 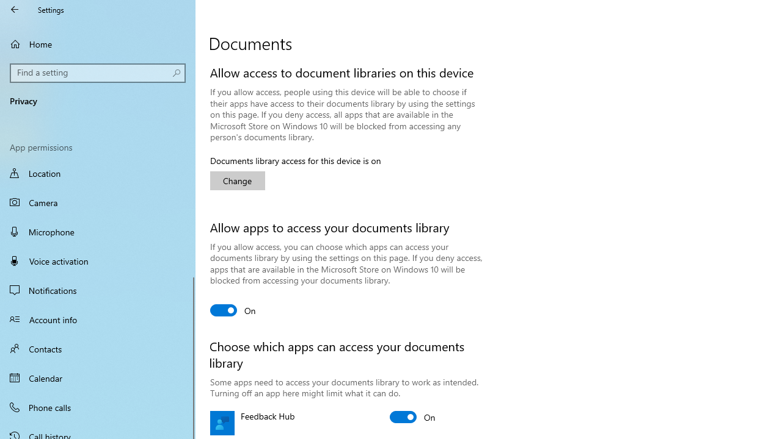 What do you see at coordinates (98, 73) in the screenshot?
I see `'Search box, Find a setting'` at bounding box center [98, 73].